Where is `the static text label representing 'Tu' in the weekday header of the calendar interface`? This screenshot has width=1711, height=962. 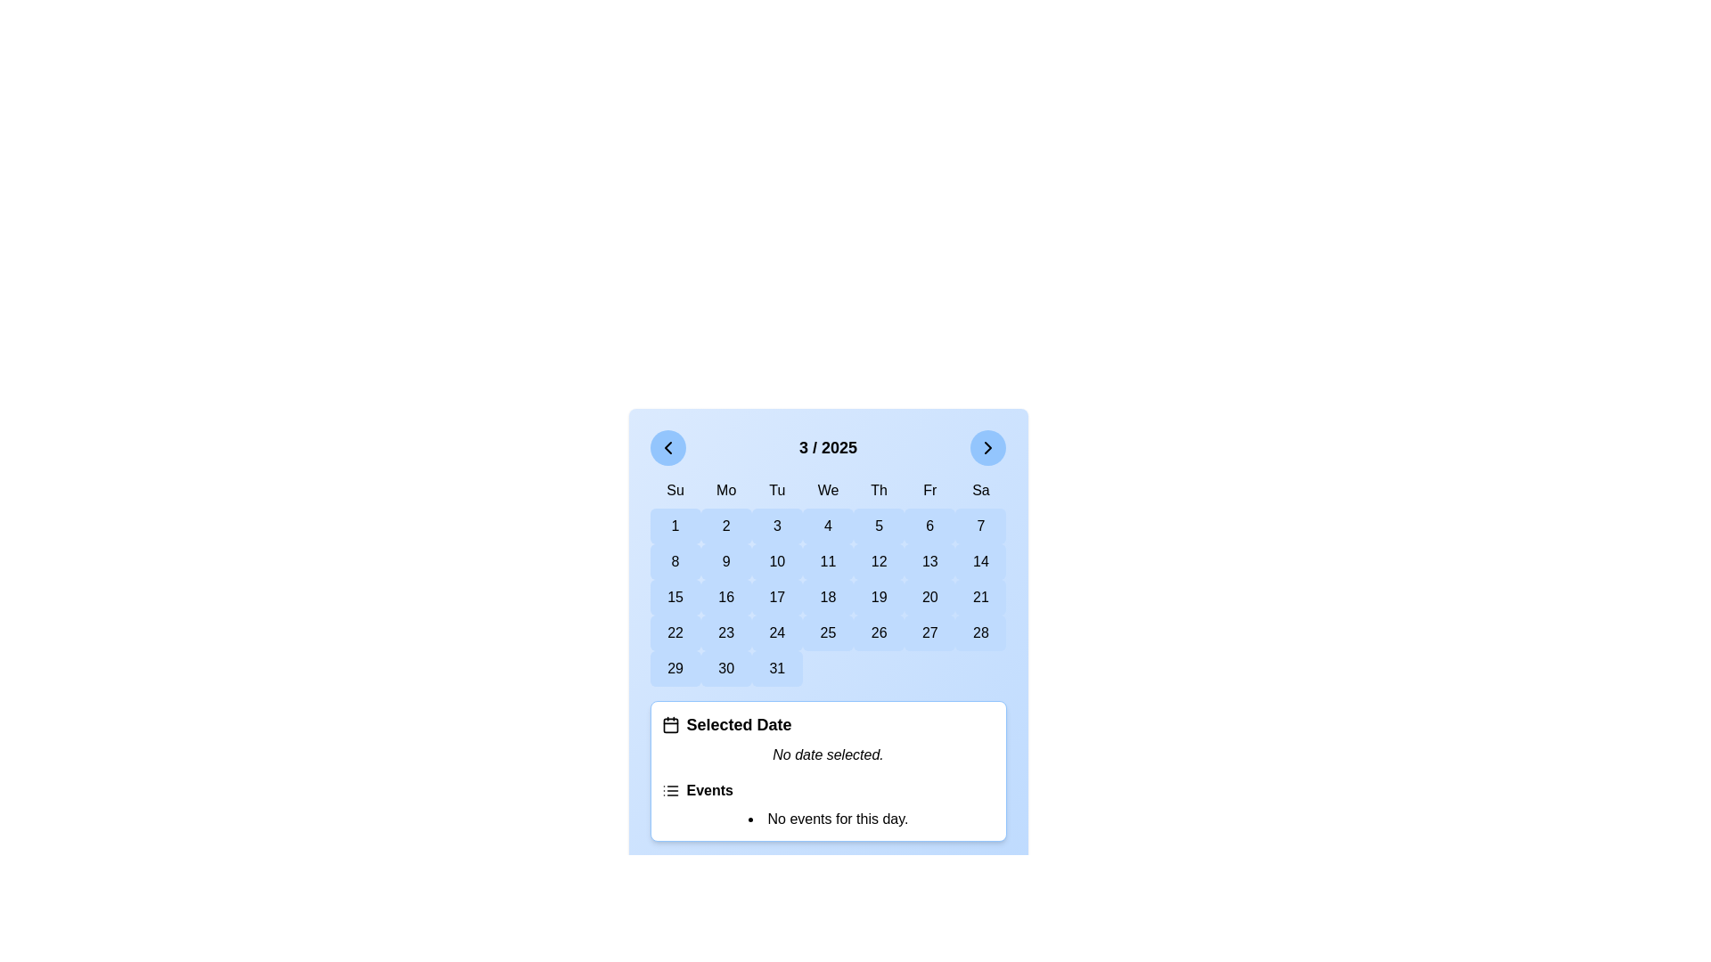 the static text label representing 'Tu' in the weekday header of the calendar interface is located at coordinates (777, 491).